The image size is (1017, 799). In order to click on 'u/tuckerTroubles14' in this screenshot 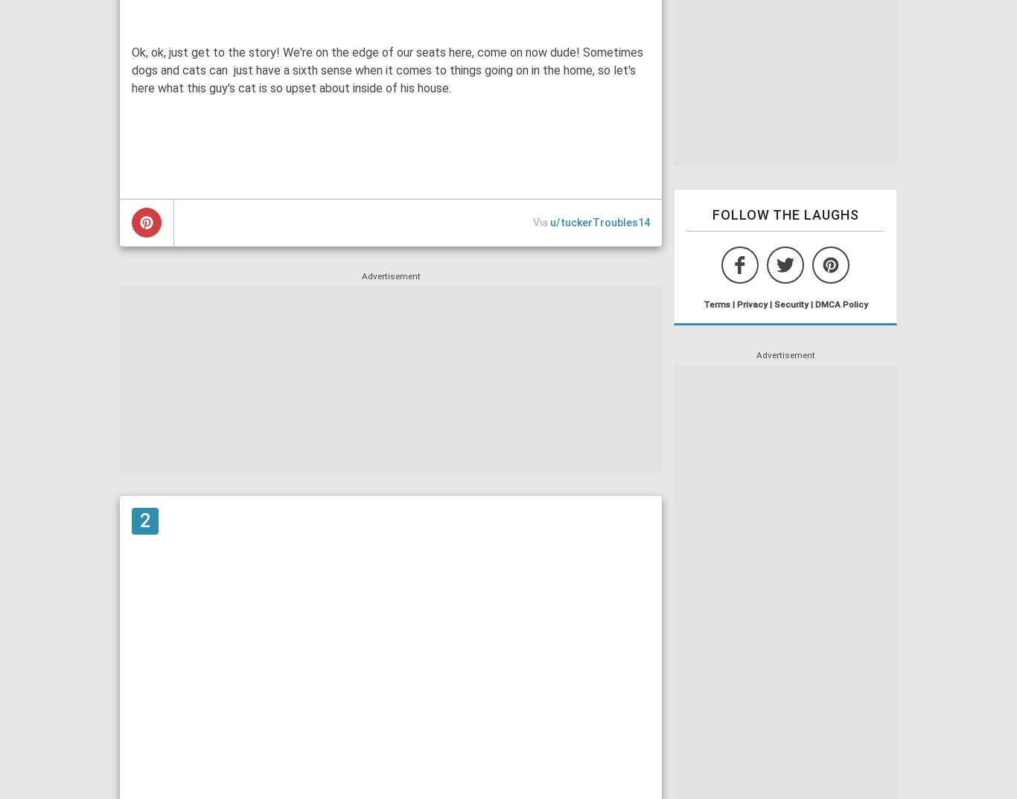, I will do `click(599, 220)`.